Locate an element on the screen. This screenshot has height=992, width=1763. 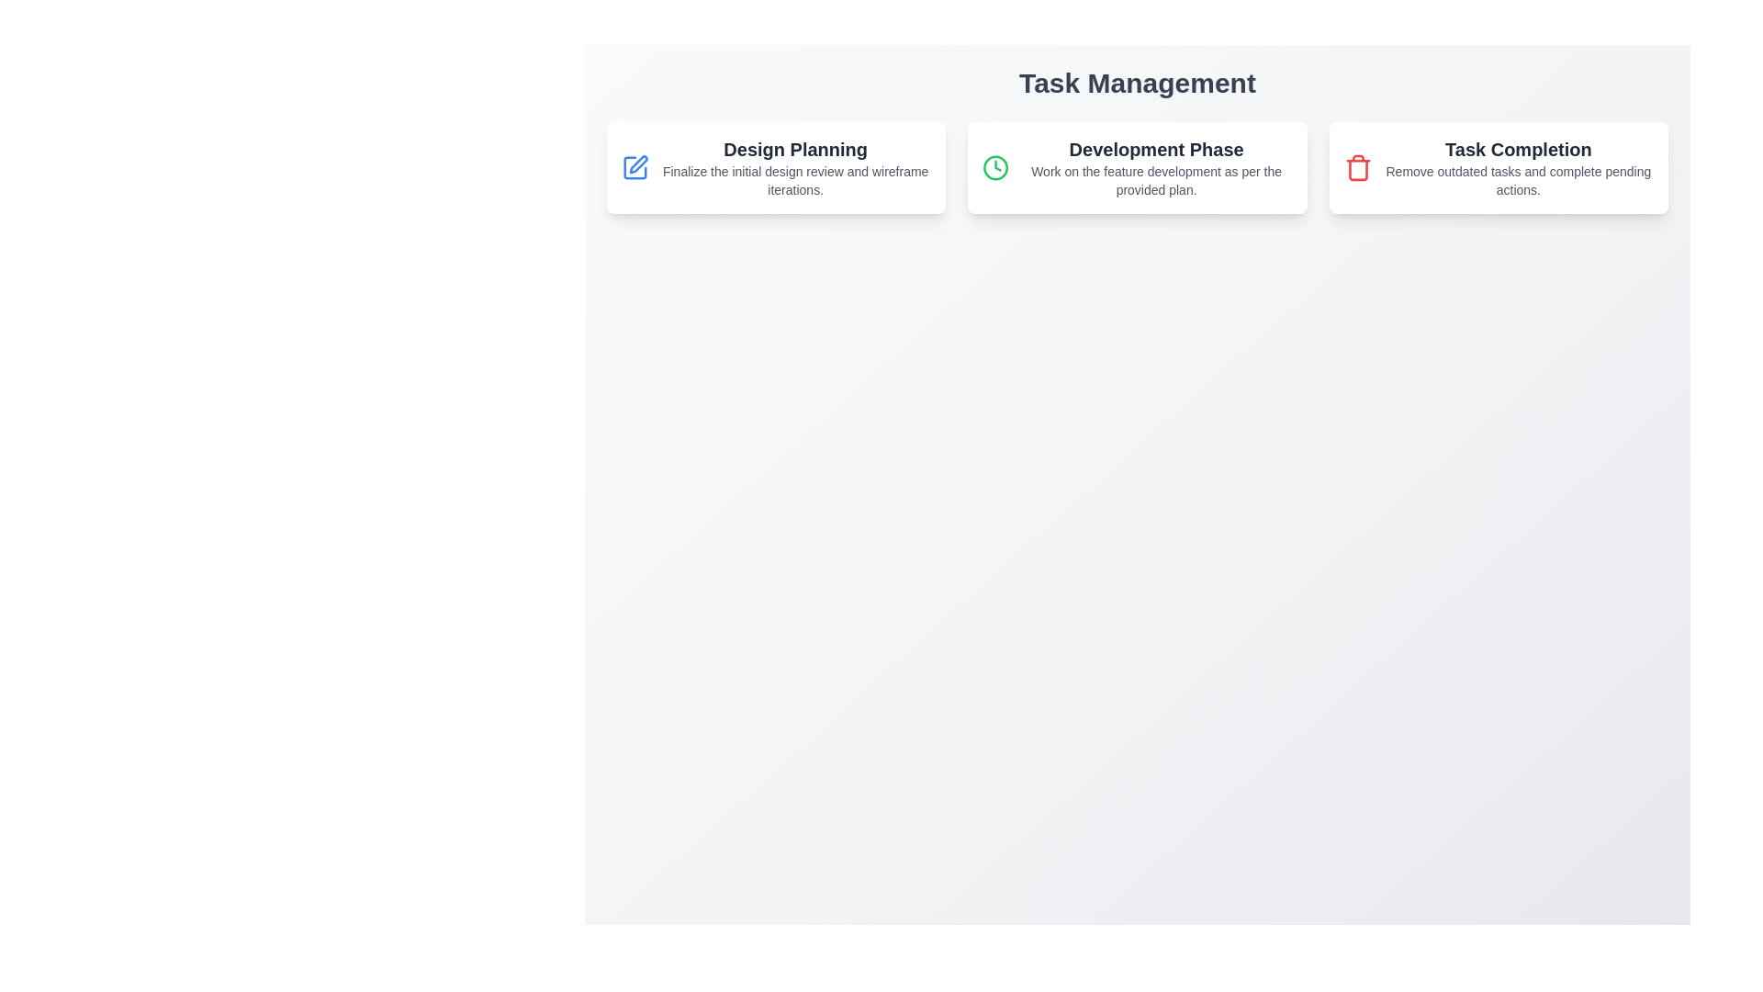
the text label in the rightmost column of the second row is located at coordinates (1518, 148).